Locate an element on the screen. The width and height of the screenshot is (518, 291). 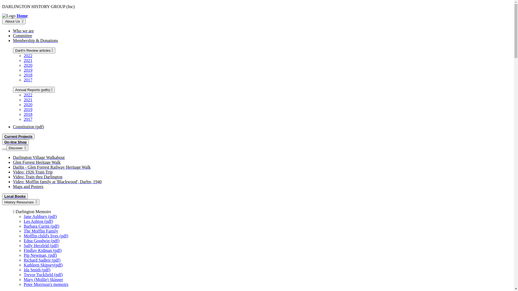
'Richard Sadleir (pdf)' is located at coordinates (42, 260).